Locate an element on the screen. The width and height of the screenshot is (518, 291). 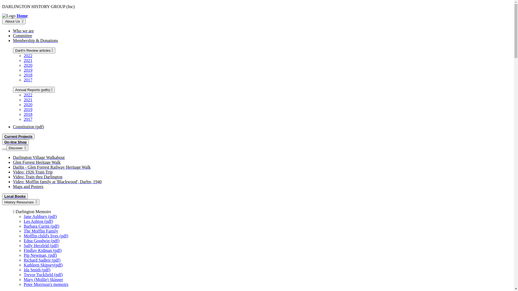
'Richard Sadleir (pdf)' is located at coordinates (42, 260).